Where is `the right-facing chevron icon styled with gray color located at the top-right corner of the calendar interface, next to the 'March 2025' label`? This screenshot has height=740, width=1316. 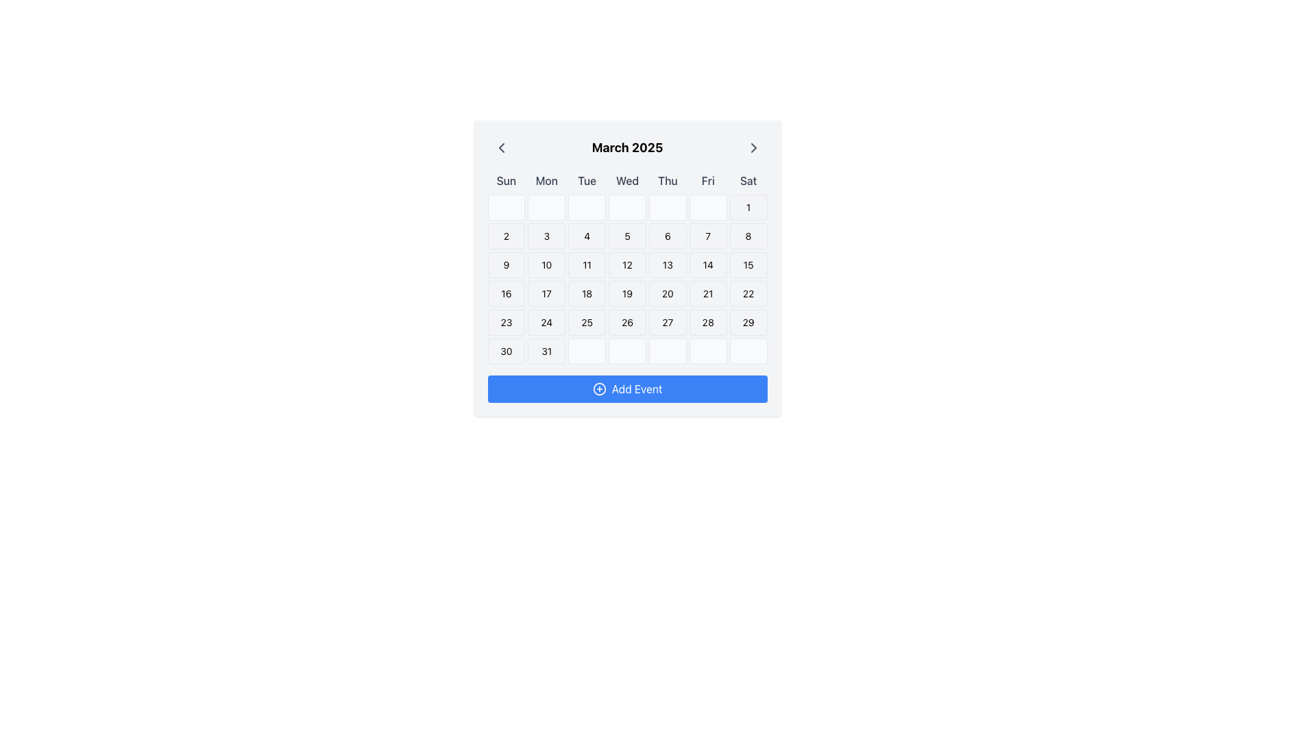
the right-facing chevron icon styled with gray color located at the top-right corner of the calendar interface, next to the 'March 2025' label is located at coordinates (753, 148).